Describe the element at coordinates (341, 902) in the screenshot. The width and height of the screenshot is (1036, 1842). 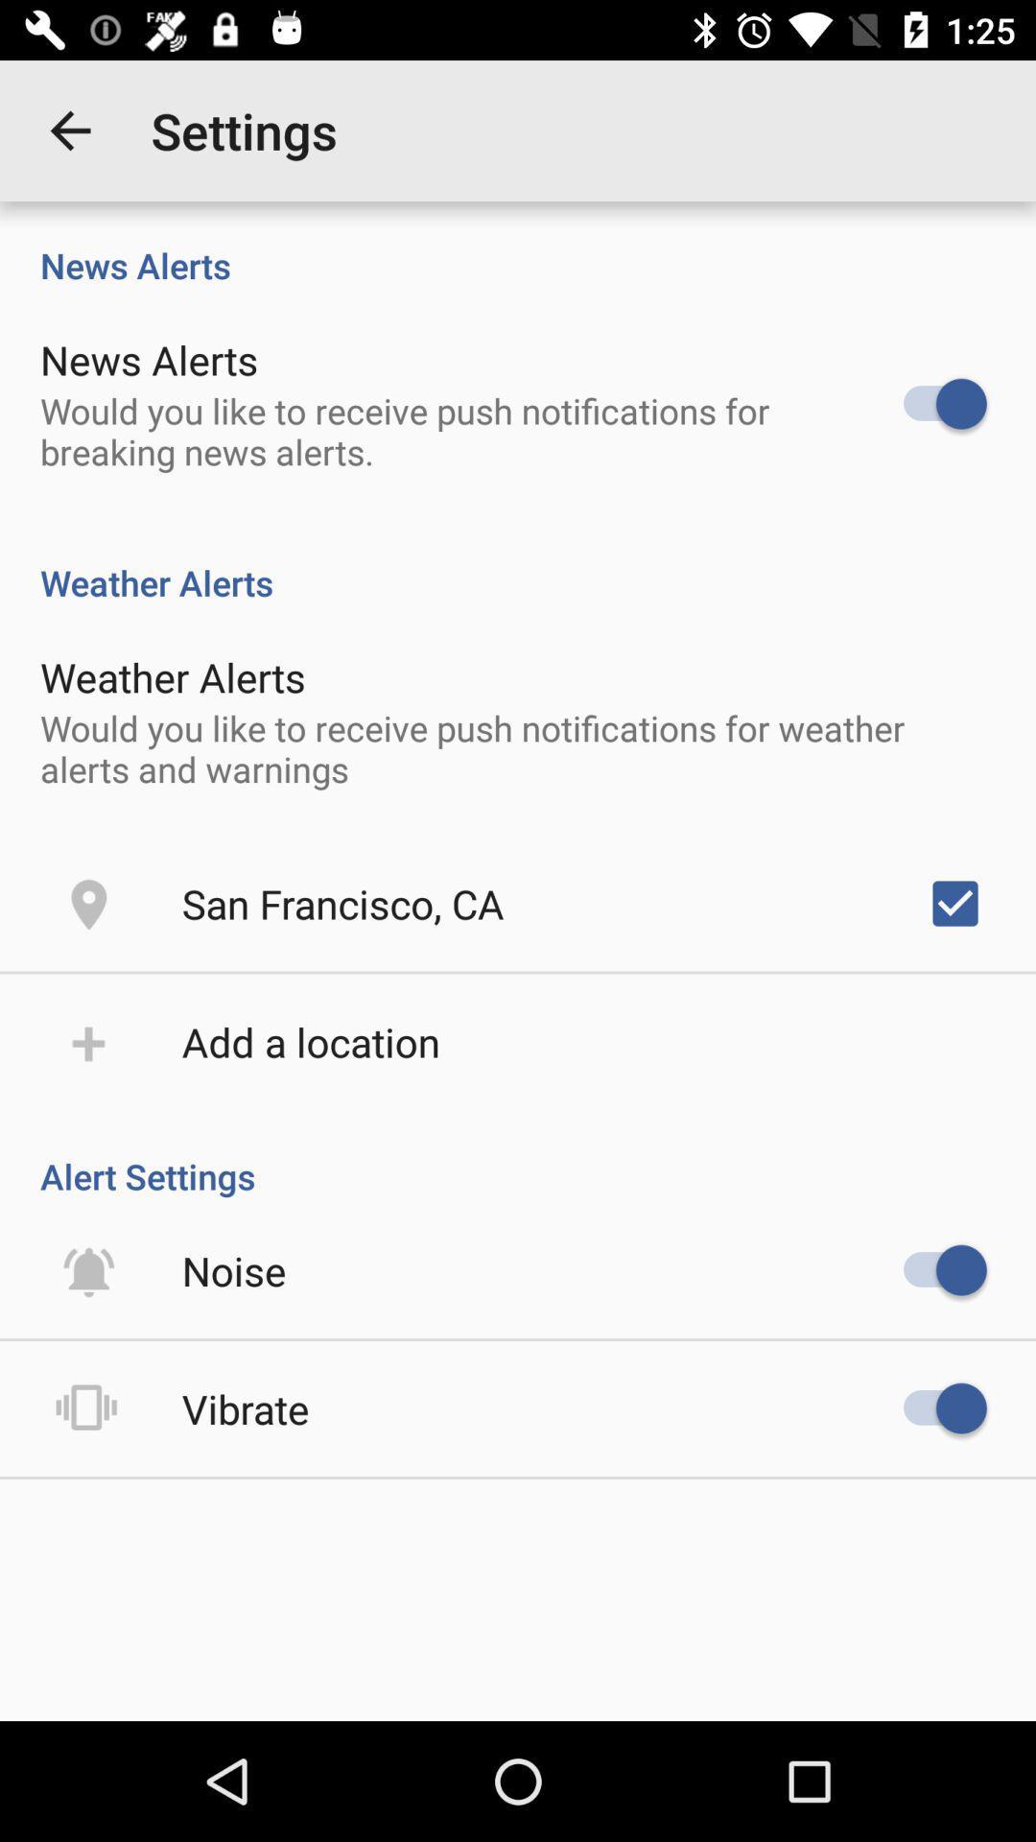
I see `the san francisco, ca icon` at that location.